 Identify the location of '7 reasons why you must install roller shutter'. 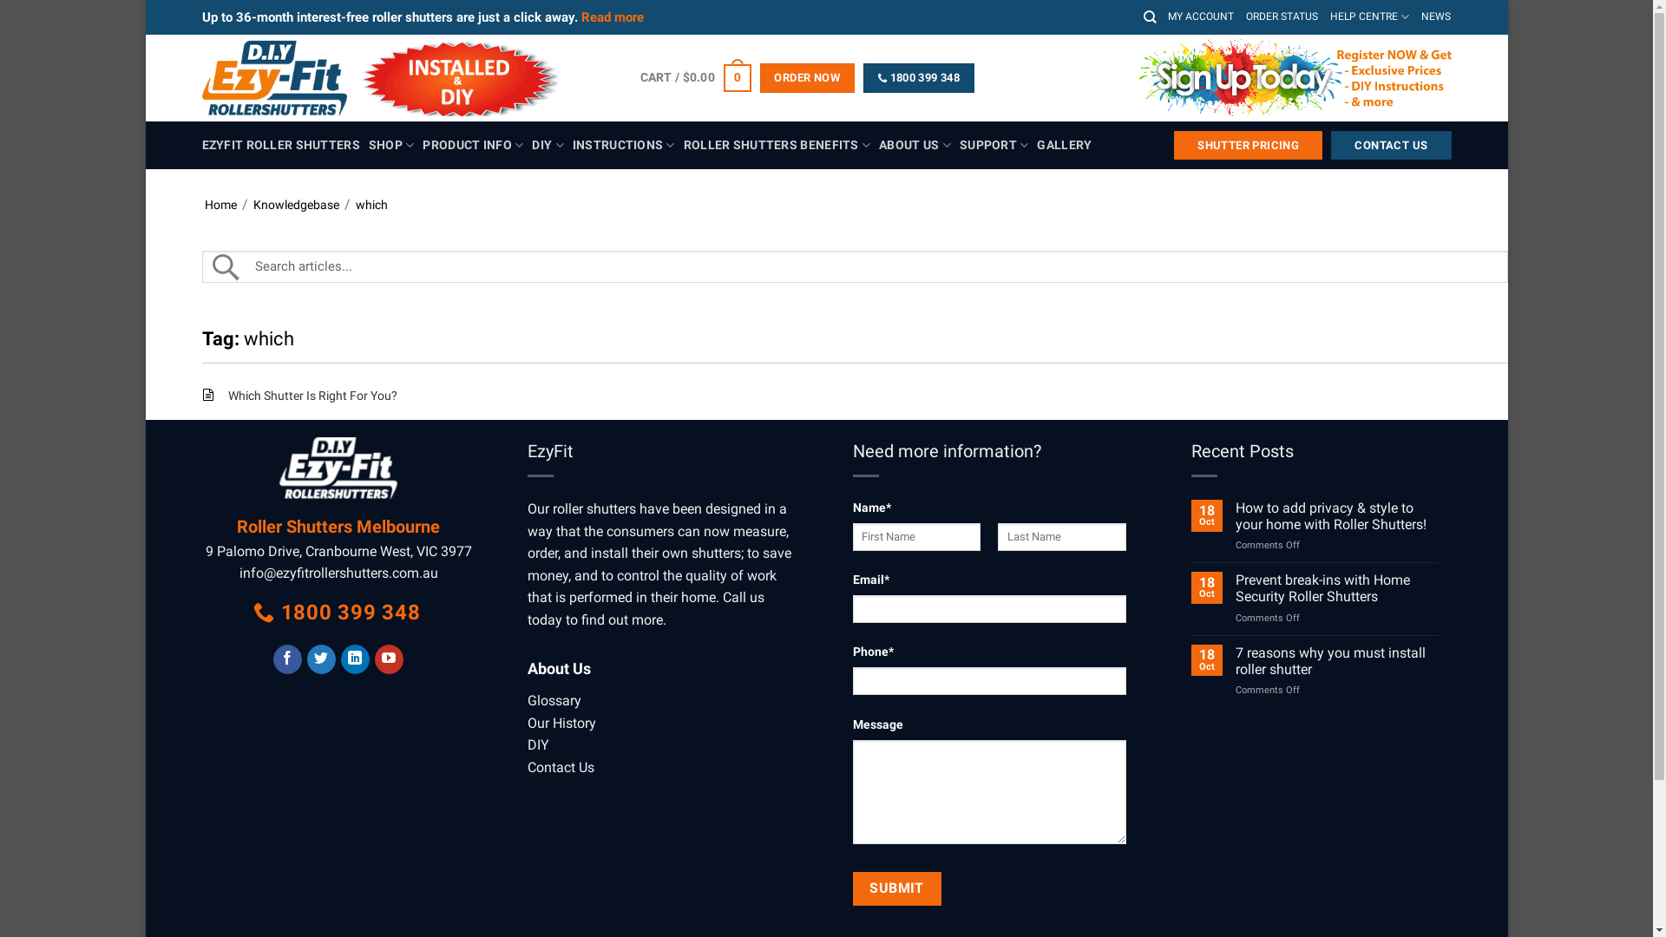
(1335, 661).